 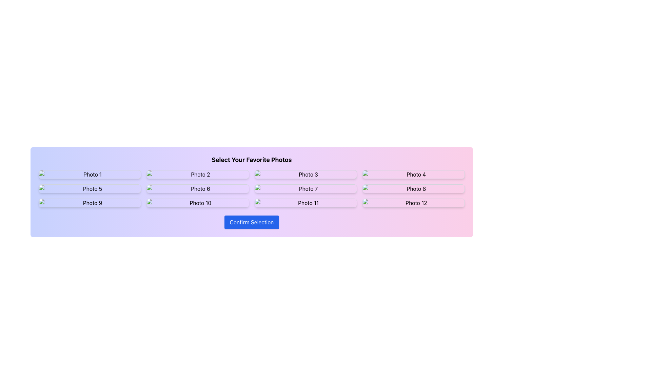 I want to click on the 'Photo 10' selectable thumbnail, which is a rectangular photo thumbnail with a soft gray border and a pastel purple background, so click(x=197, y=202).